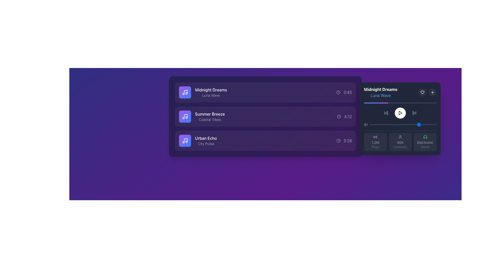 The image size is (484, 272). I want to click on the leftmost informational display box that shows the number of plays for a specific media item, located at the bottom-right corner of the interface, so click(375, 142).